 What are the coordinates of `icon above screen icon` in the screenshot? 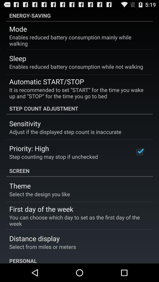 It's located at (139, 152).